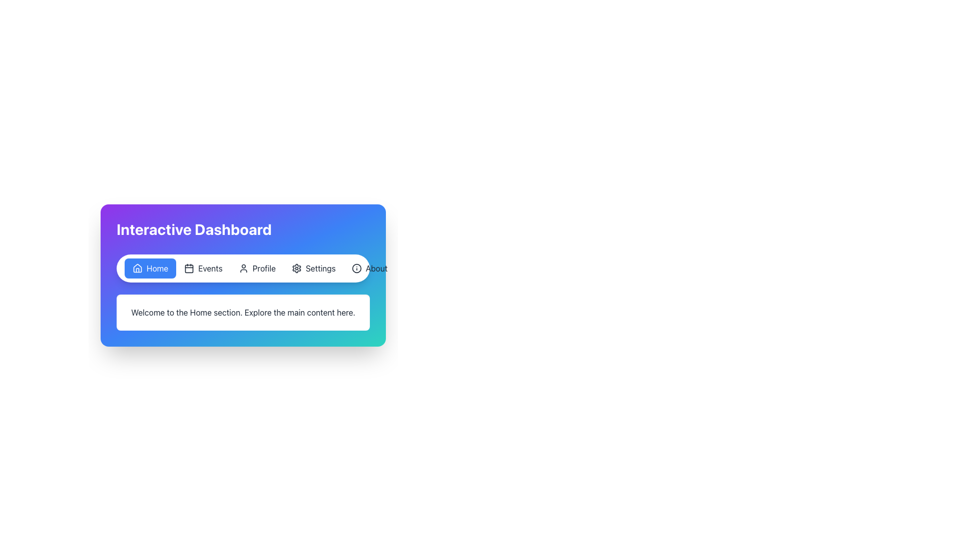 The height and width of the screenshot is (541, 961). Describe the element at coordinates (376, 268) in the screenshot. I see `the navigational link or button element labeled 'About' in the top right section of the interface` at that location.